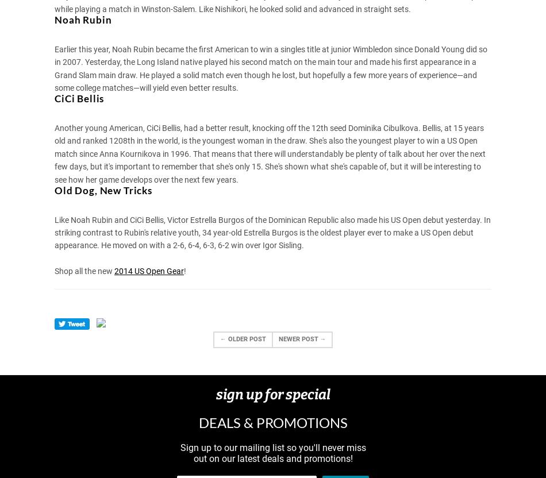 The image size is (546, 478). I want to click on 'Noah Rubin', so click(83, 20).